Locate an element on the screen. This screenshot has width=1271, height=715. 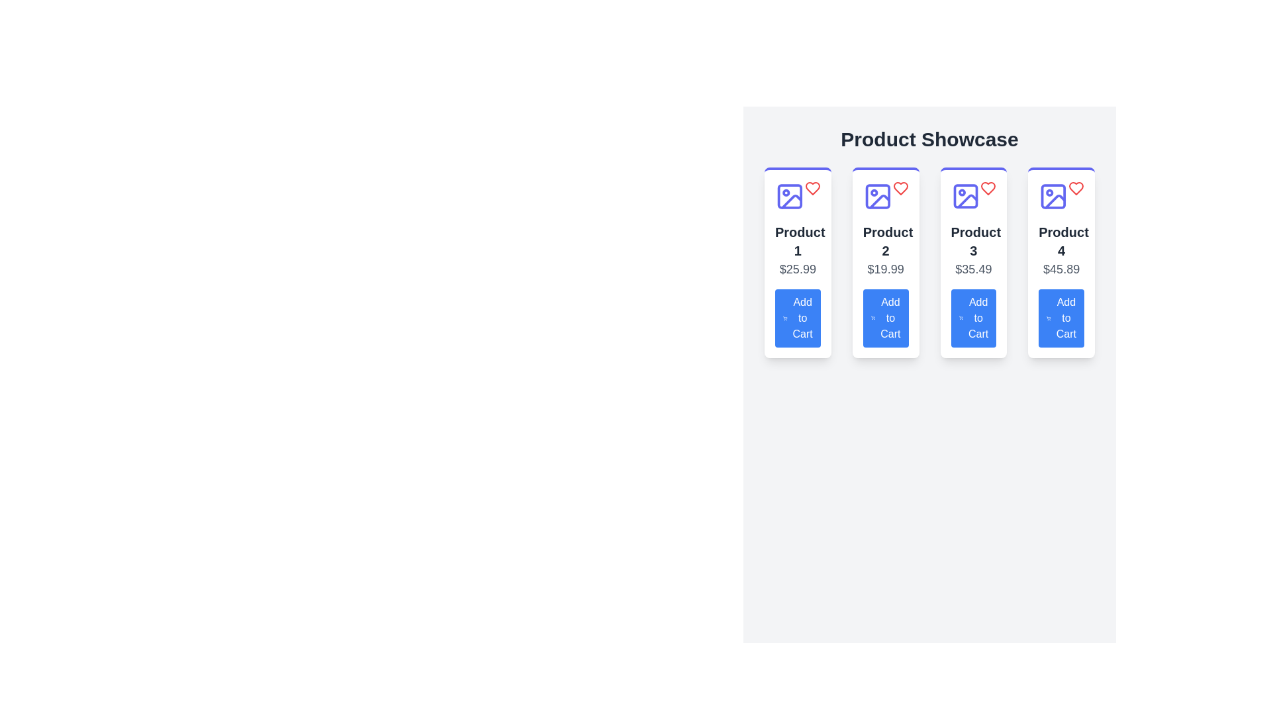
the favorite icon located in the top-right section of the fourth product card in the 'Product Showcase' is located at coordinates (1076, 189).